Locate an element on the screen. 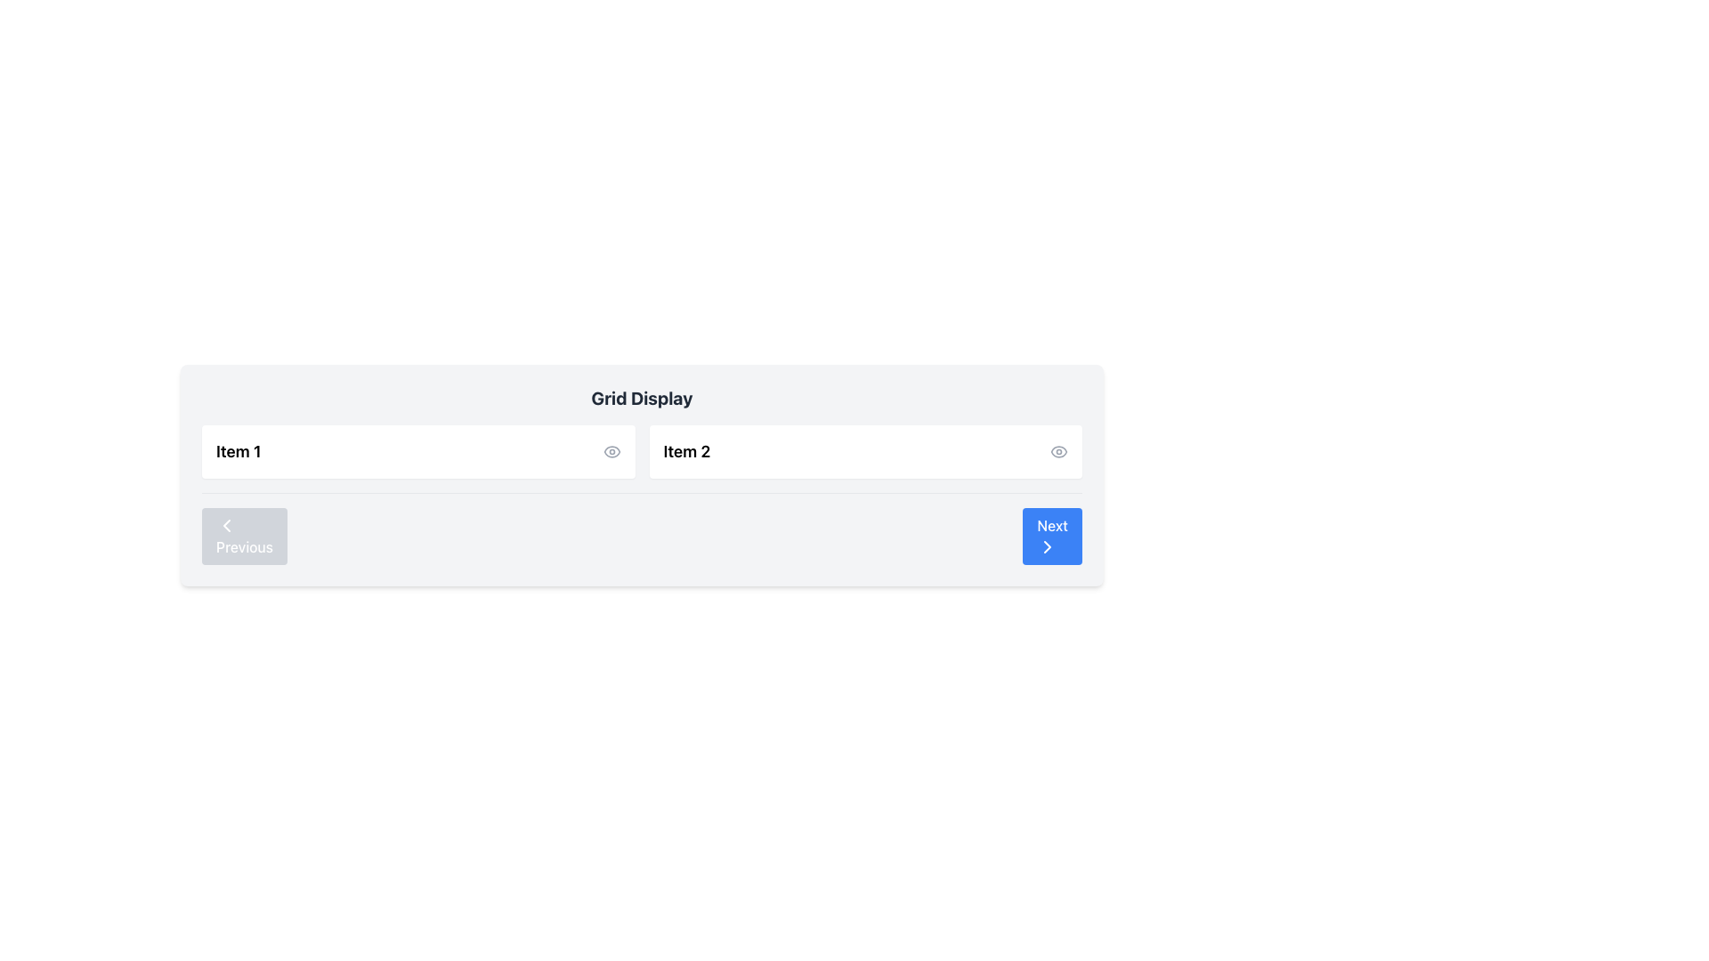 The width and height of the screenshot is (1709, 961). keyboard navigation is located at coordinates (1048, 545).